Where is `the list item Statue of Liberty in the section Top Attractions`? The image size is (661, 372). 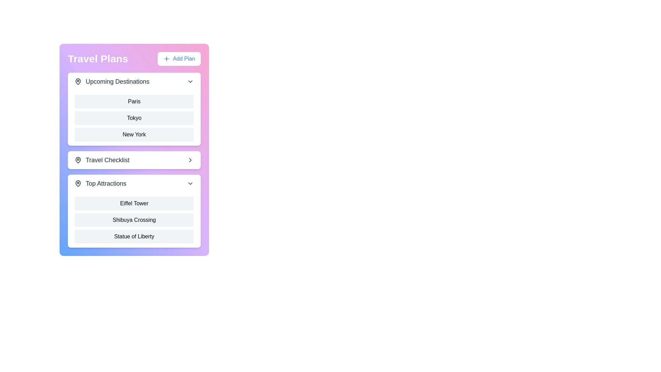 the list item Statue of Liberty in the section Top Attractions is located at coordinates (134, 236).